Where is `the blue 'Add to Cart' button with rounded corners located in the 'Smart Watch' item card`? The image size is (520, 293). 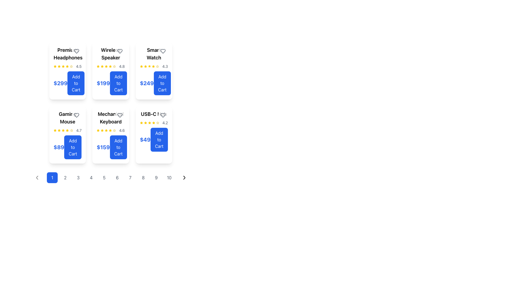 the blue 'Add to Cart' button with rounded corners located in the 'Smart Watch' item card is located at coordinates (162, 83).